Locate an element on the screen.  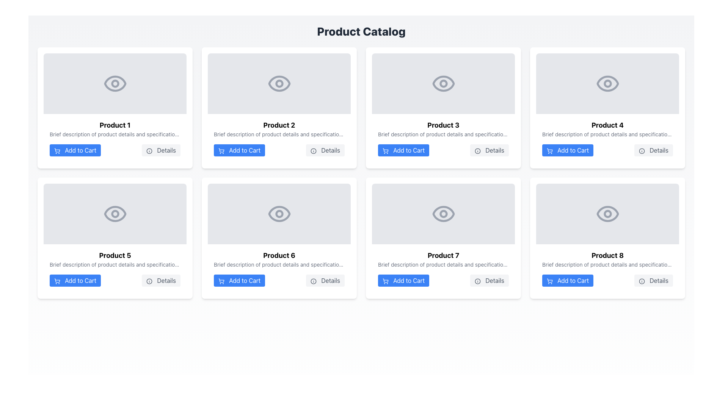
the 'Add to Cart' button for Product 2, located in the upper row, second column of the grid, to change its color to a darker blue is located at coordinates (239, 150).